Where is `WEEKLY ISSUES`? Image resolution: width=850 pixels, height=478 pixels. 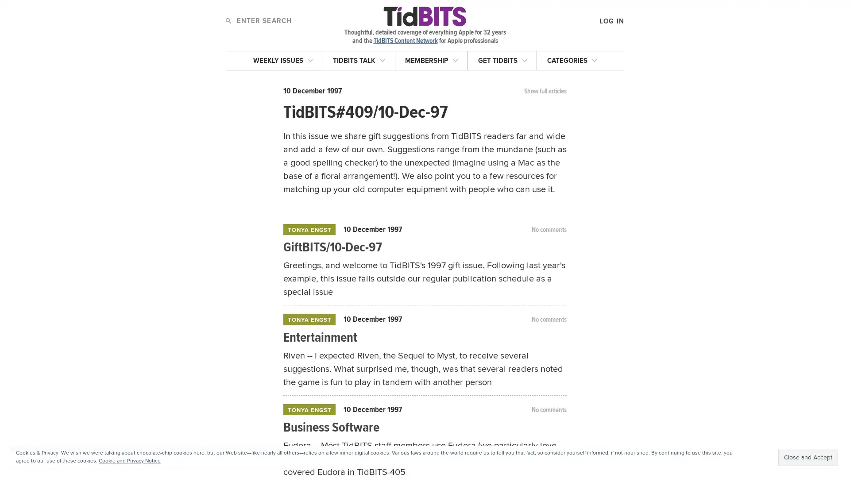 WEEKLY ISSUES is located at coordinates (282, 60).